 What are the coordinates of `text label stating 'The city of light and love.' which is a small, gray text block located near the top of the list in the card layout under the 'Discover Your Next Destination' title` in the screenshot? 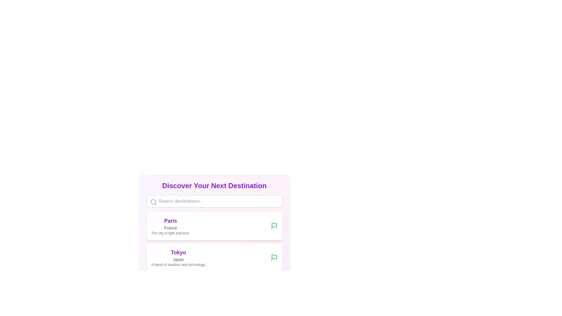 It's located at (170, 233).